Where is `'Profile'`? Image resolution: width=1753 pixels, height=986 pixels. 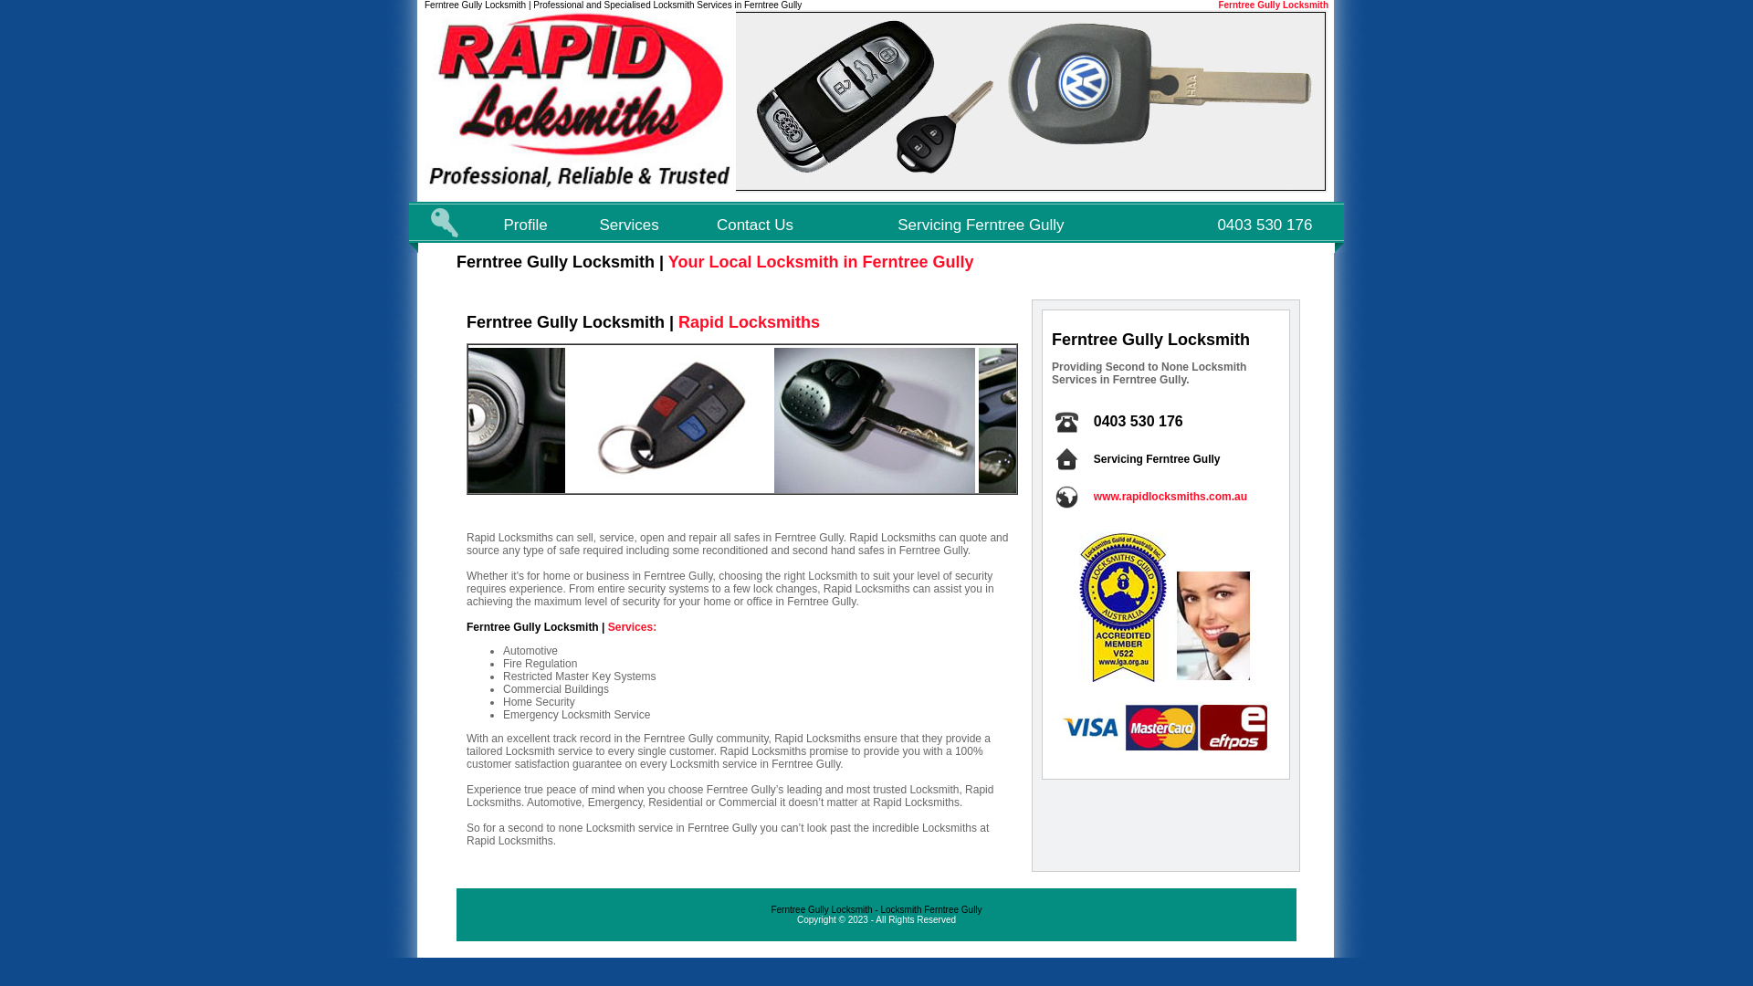 'Profile' is located at coordinates (504, 223).